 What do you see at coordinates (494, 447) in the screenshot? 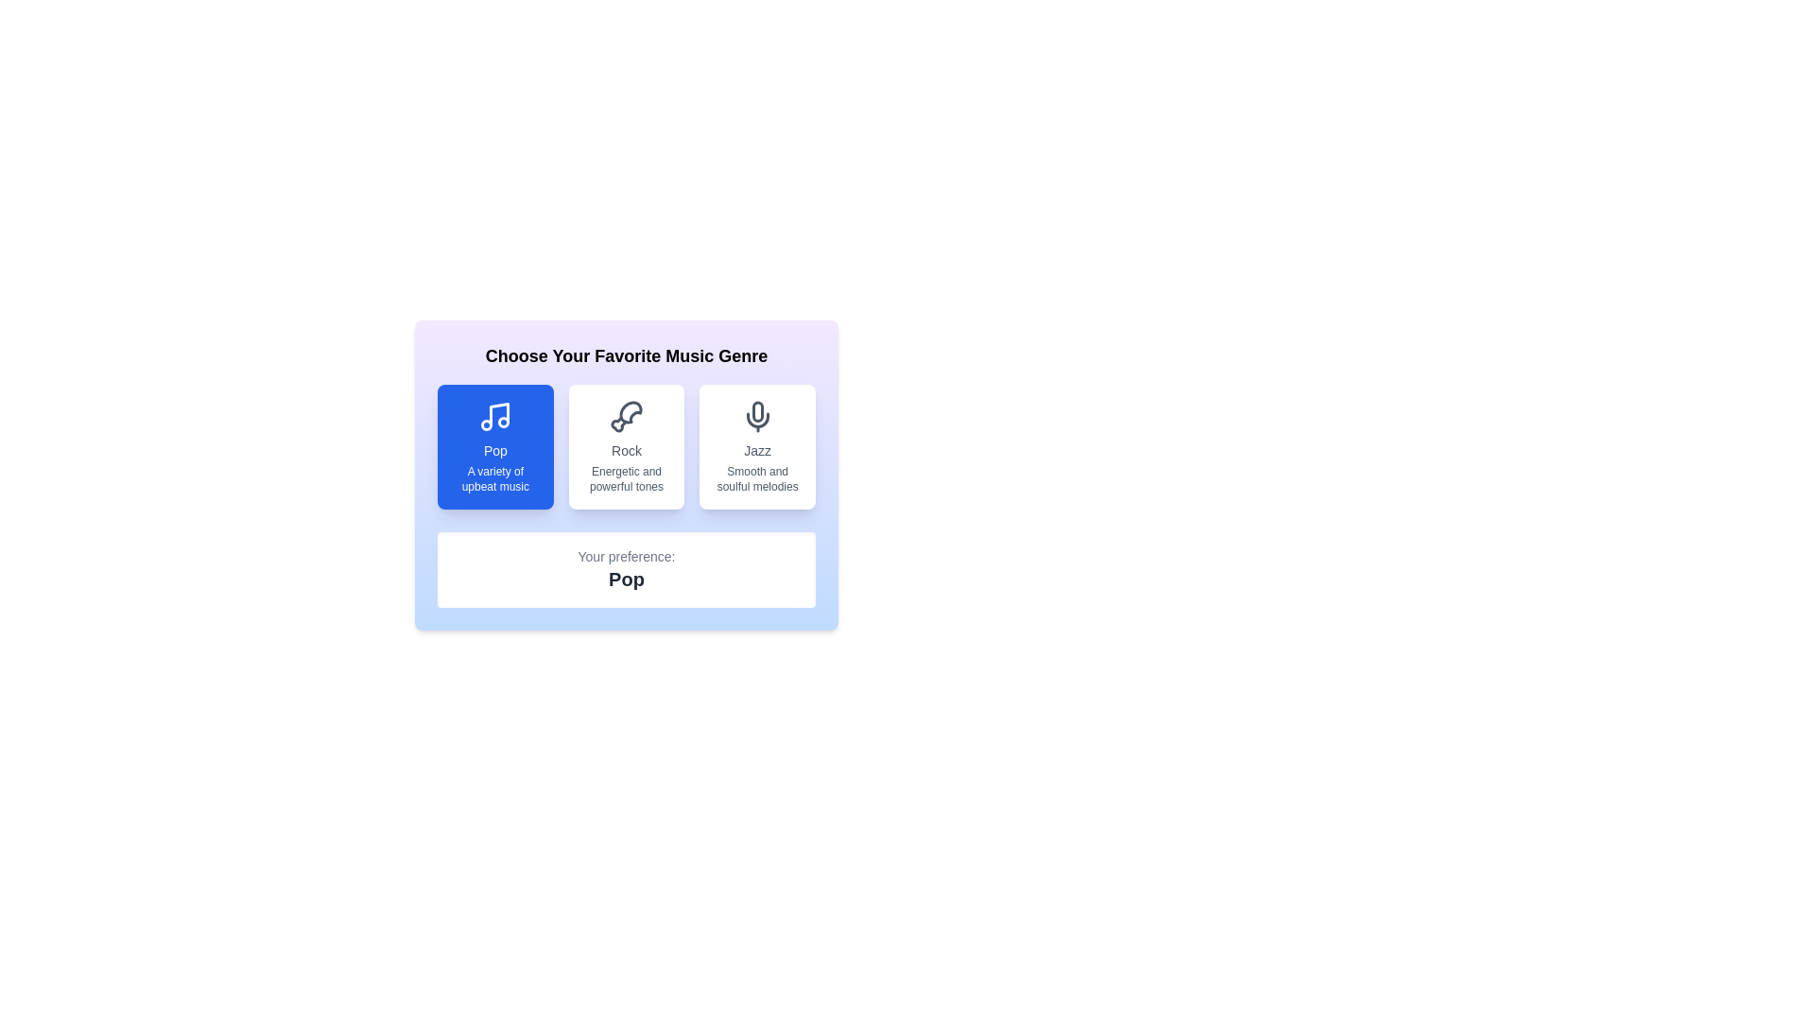
I see `the music genre Pop by clicking the corresponding button` at bounding box center [494, 447].